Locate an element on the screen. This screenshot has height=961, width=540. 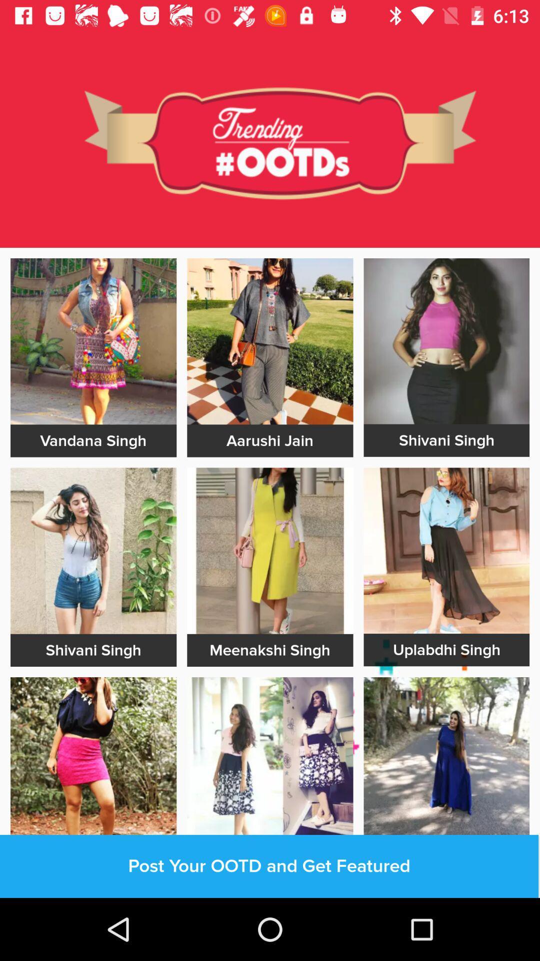
advertisement is located at coordinates (270, 341).